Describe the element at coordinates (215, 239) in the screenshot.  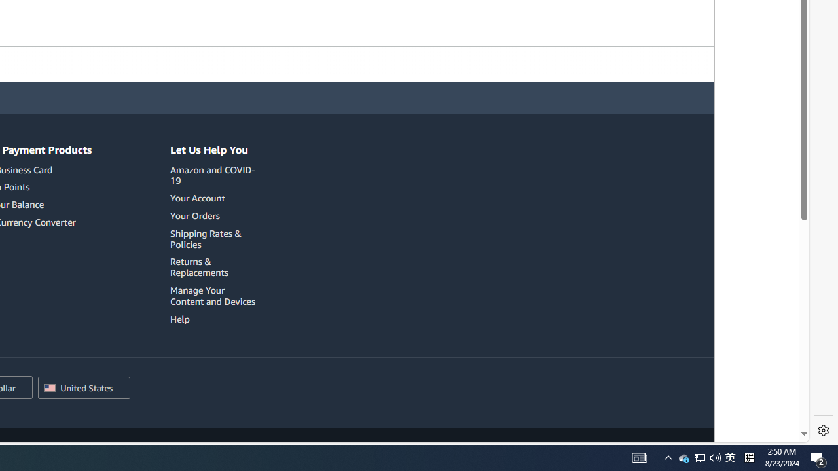
I see `'Shipping Rates & Policies'` at that location.